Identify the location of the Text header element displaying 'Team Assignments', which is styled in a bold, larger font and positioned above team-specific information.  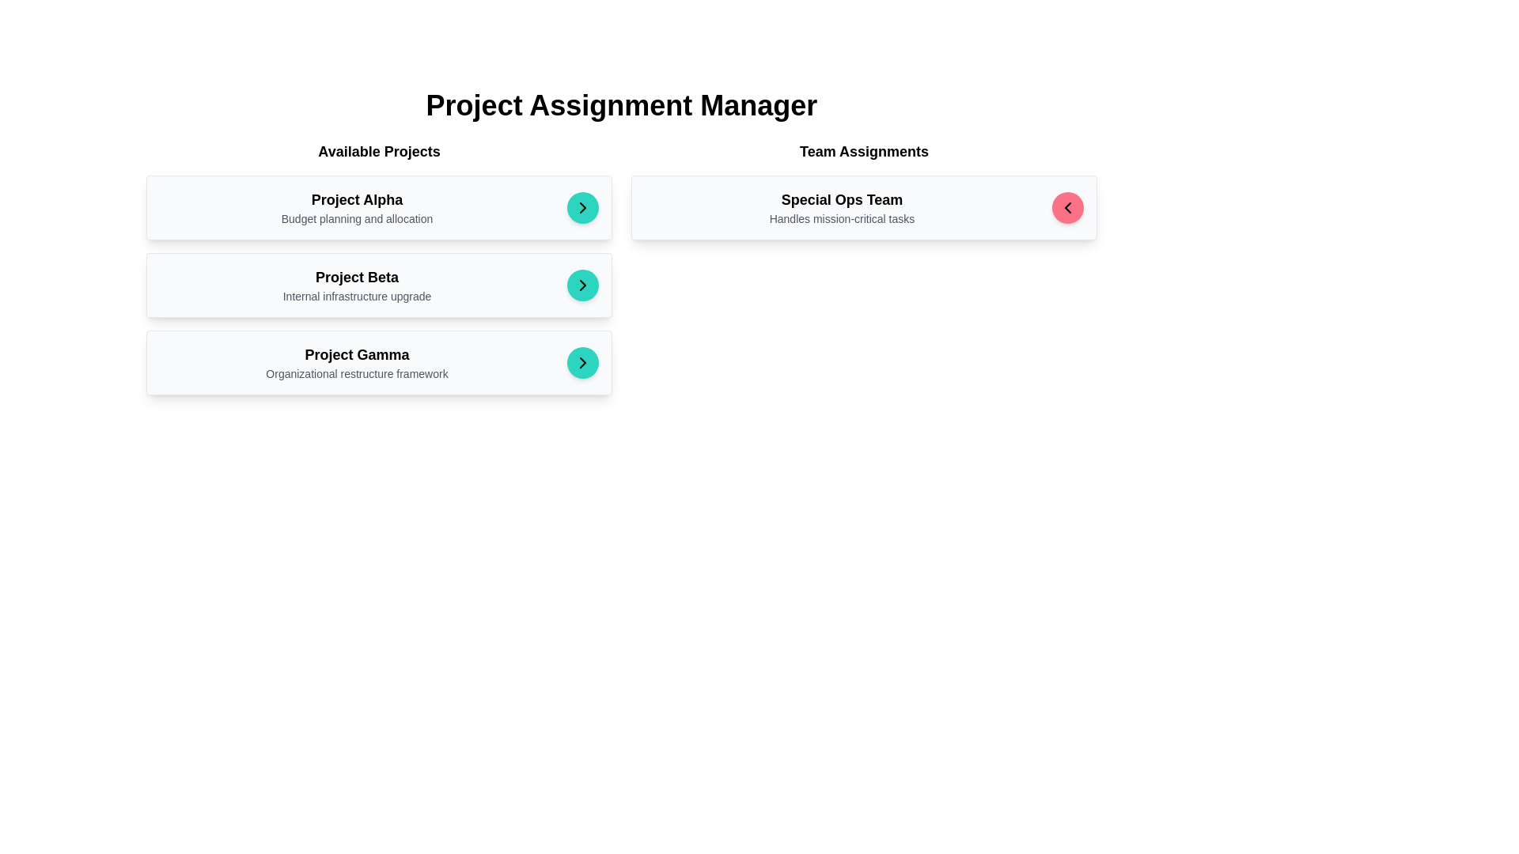
(863, 152).